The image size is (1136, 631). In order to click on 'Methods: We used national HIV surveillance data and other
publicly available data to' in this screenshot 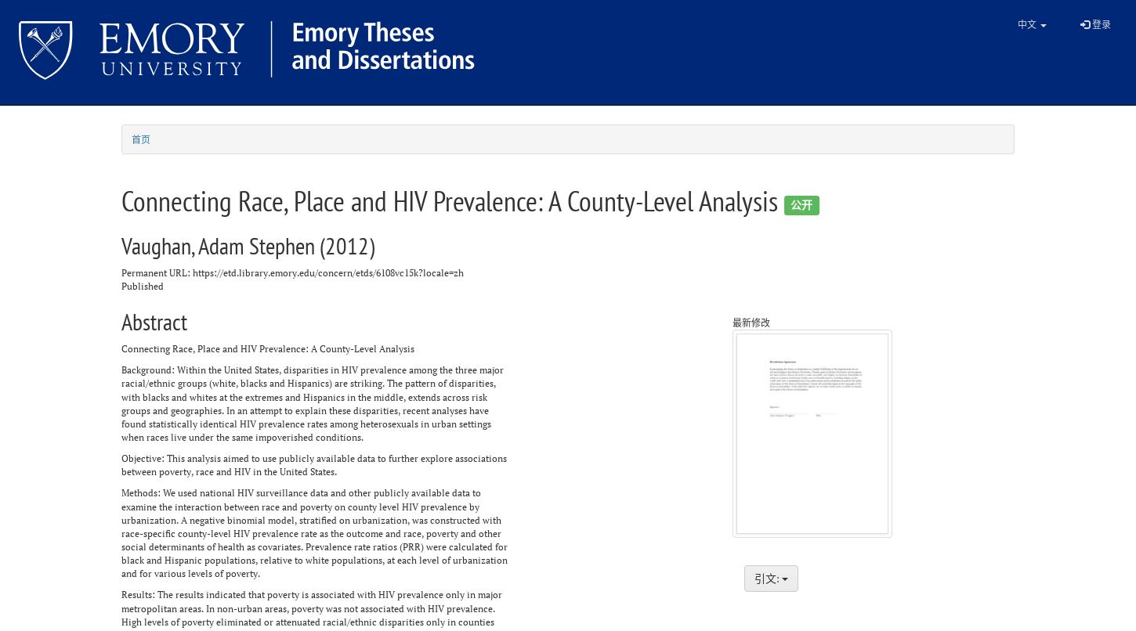, I will do `click(300, 492)`.